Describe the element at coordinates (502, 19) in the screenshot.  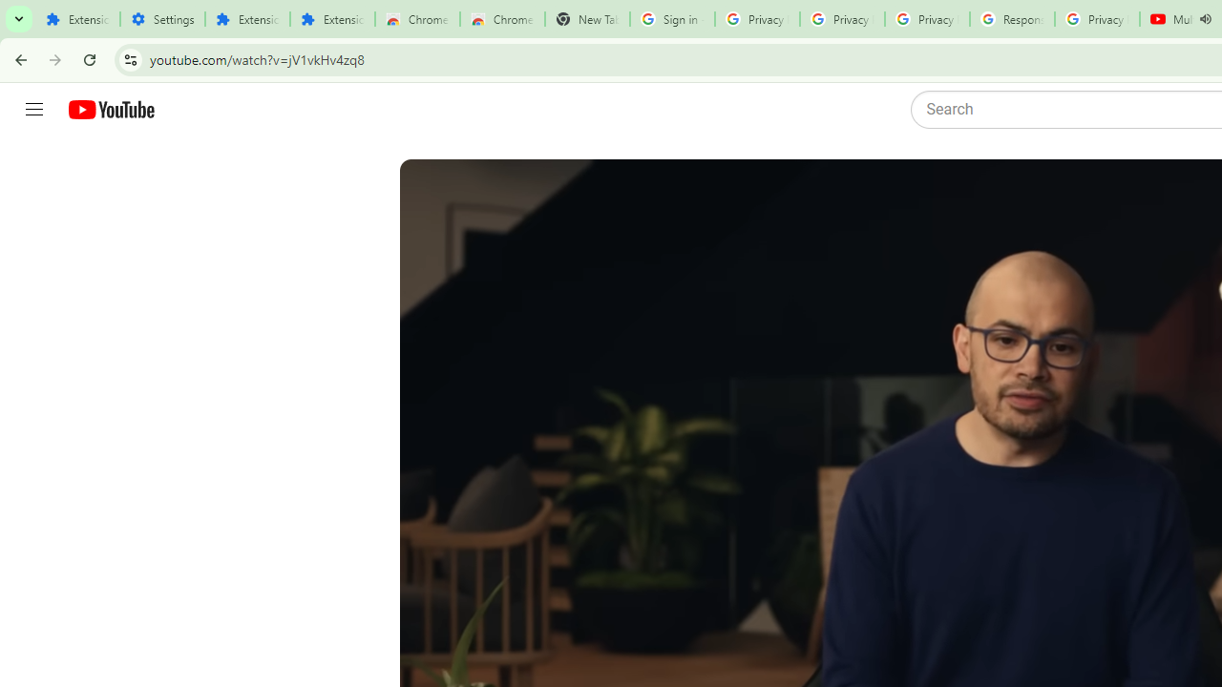
I see `'Chrome Web Store - Themes'` at that location.